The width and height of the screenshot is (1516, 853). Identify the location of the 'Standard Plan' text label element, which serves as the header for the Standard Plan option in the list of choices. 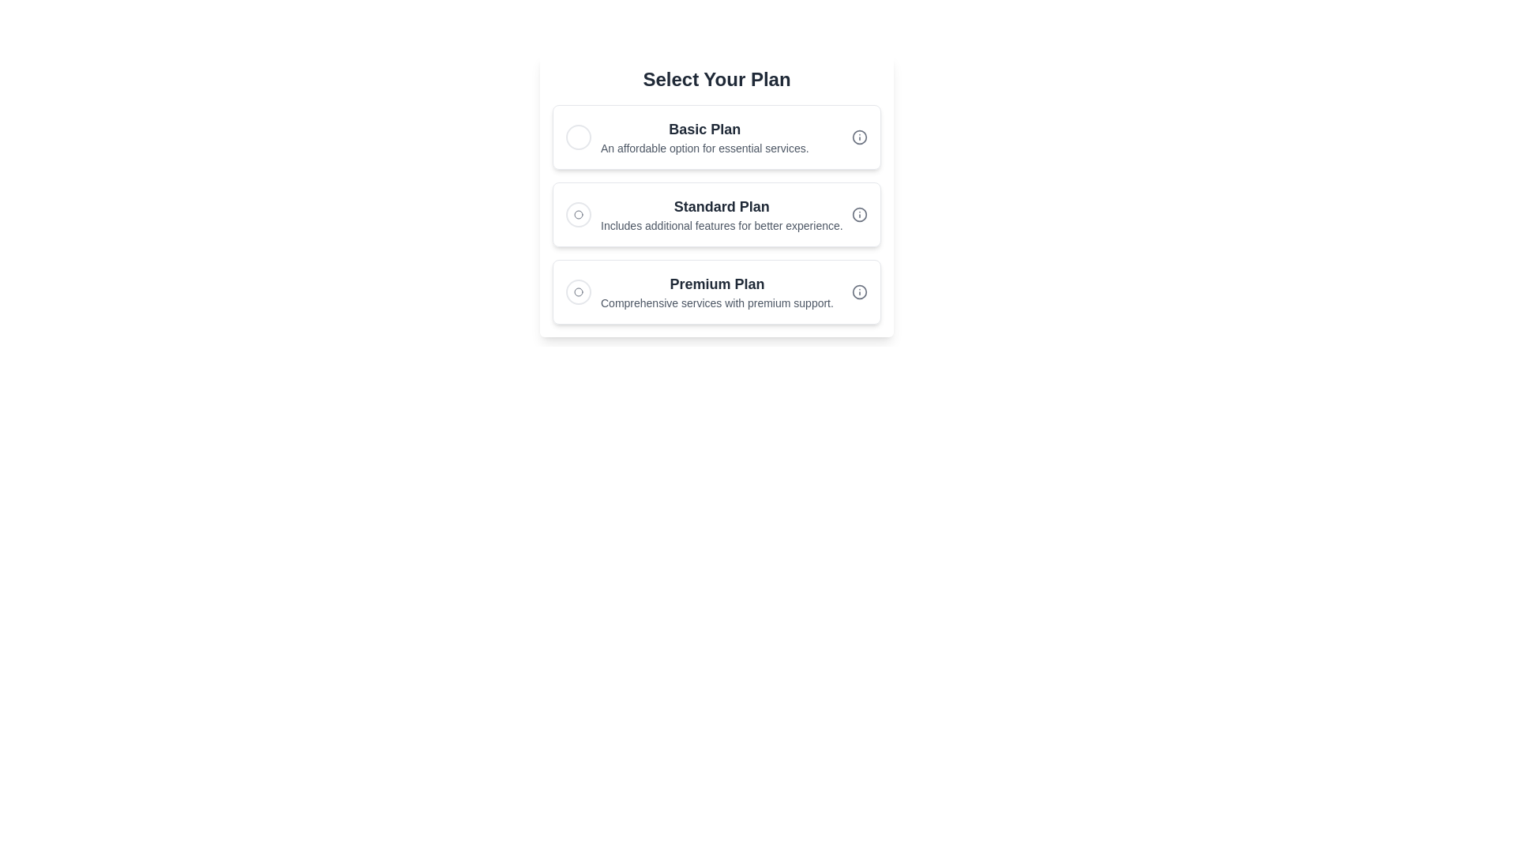
(721, 206).